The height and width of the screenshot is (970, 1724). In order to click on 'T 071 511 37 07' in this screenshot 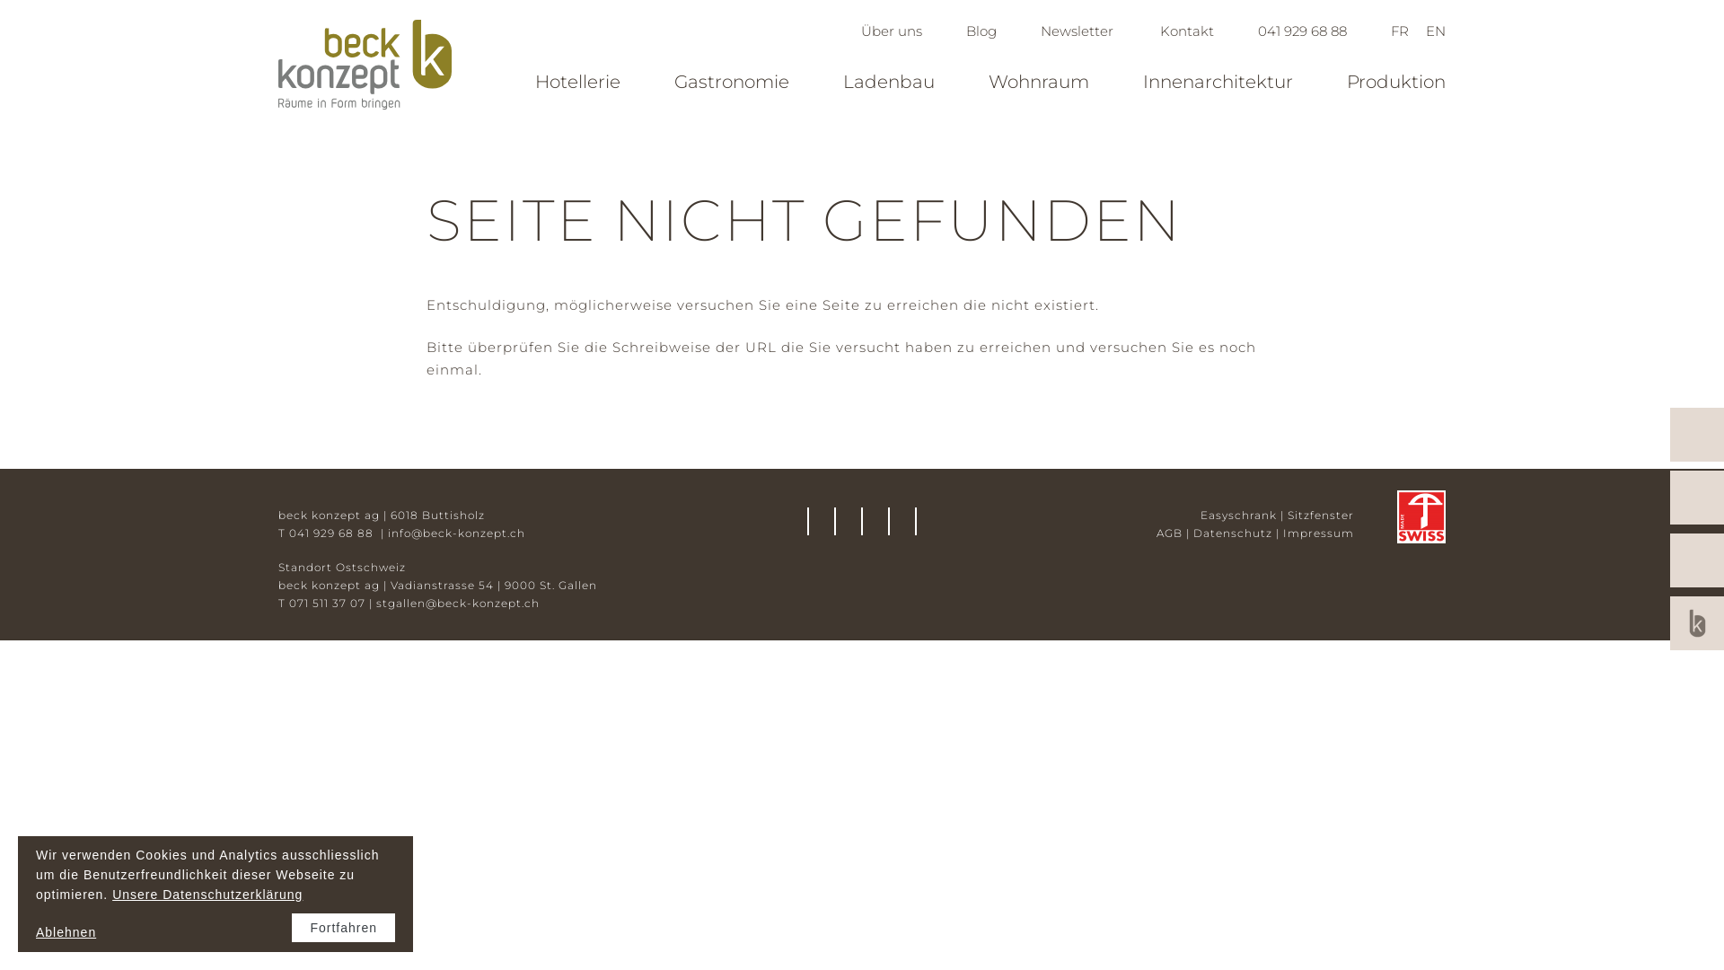, I will do `click(277, 603)`.